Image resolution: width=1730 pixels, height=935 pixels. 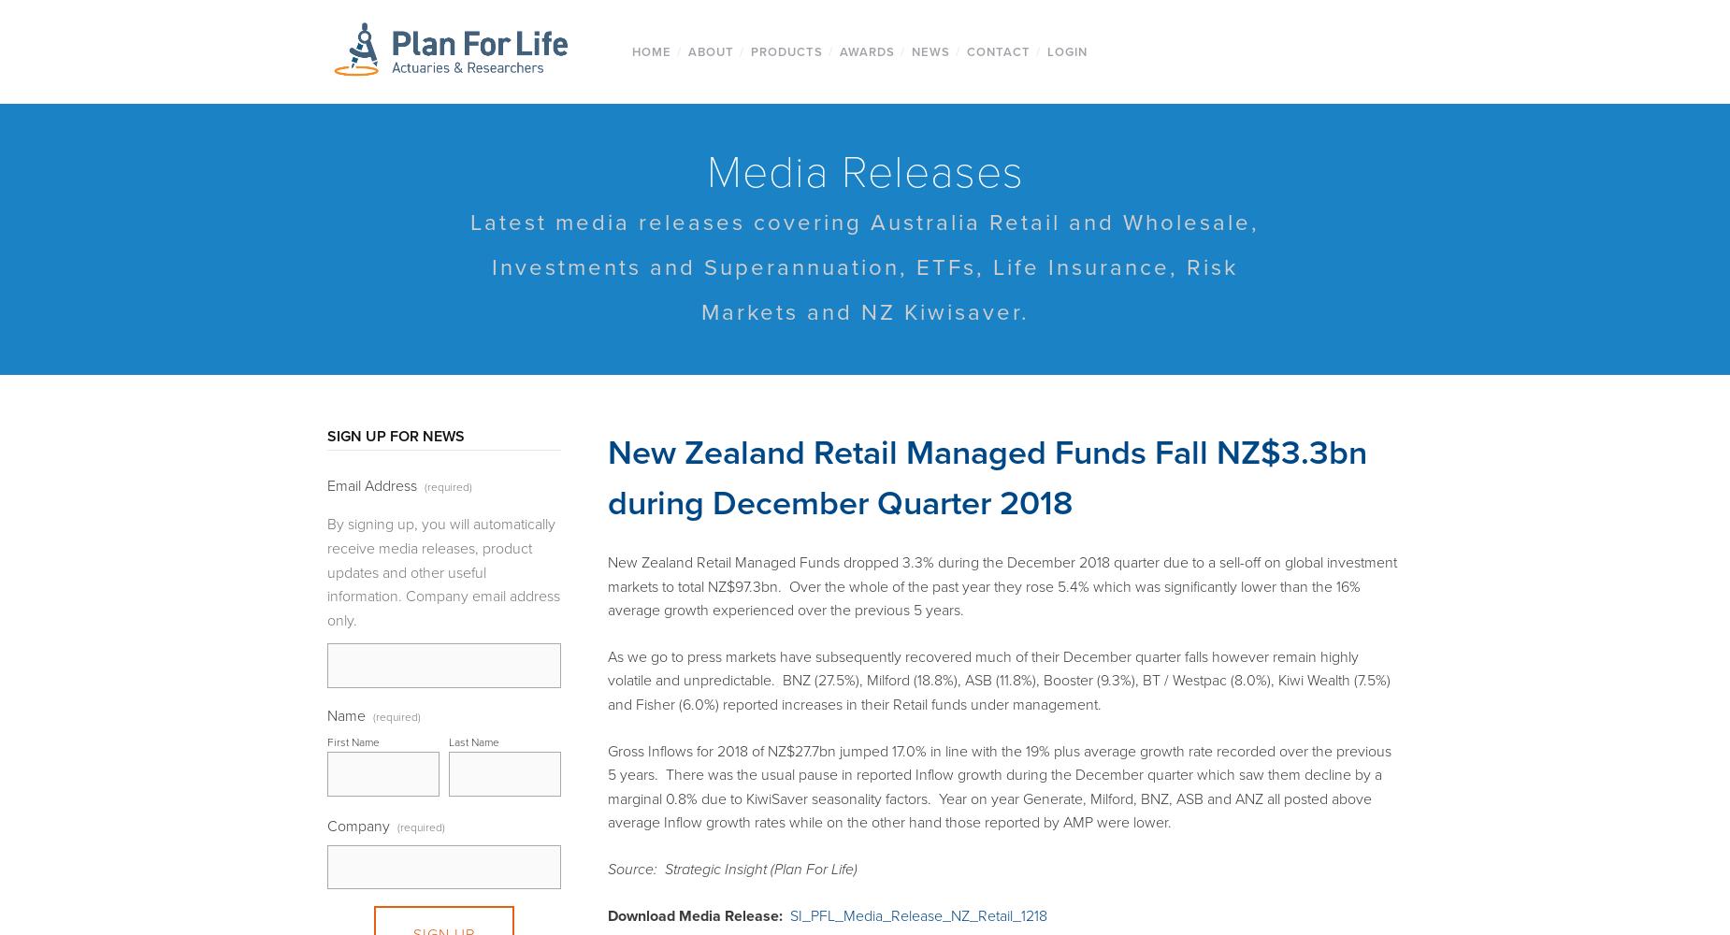 What do you see at coordinates (1065, 50) in the screenshot?
I see `'Login'` at bounding box center [1065, 50].